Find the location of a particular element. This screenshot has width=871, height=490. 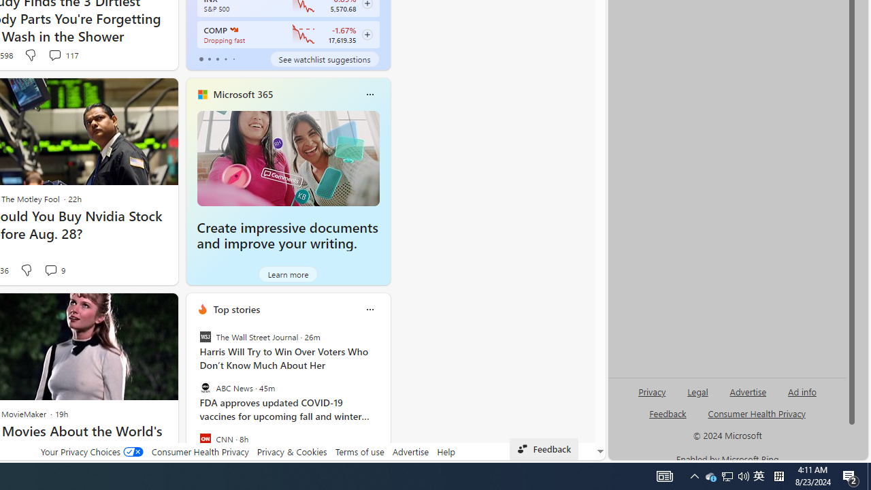

'Hide this story' is located at coordinates (137, 310).